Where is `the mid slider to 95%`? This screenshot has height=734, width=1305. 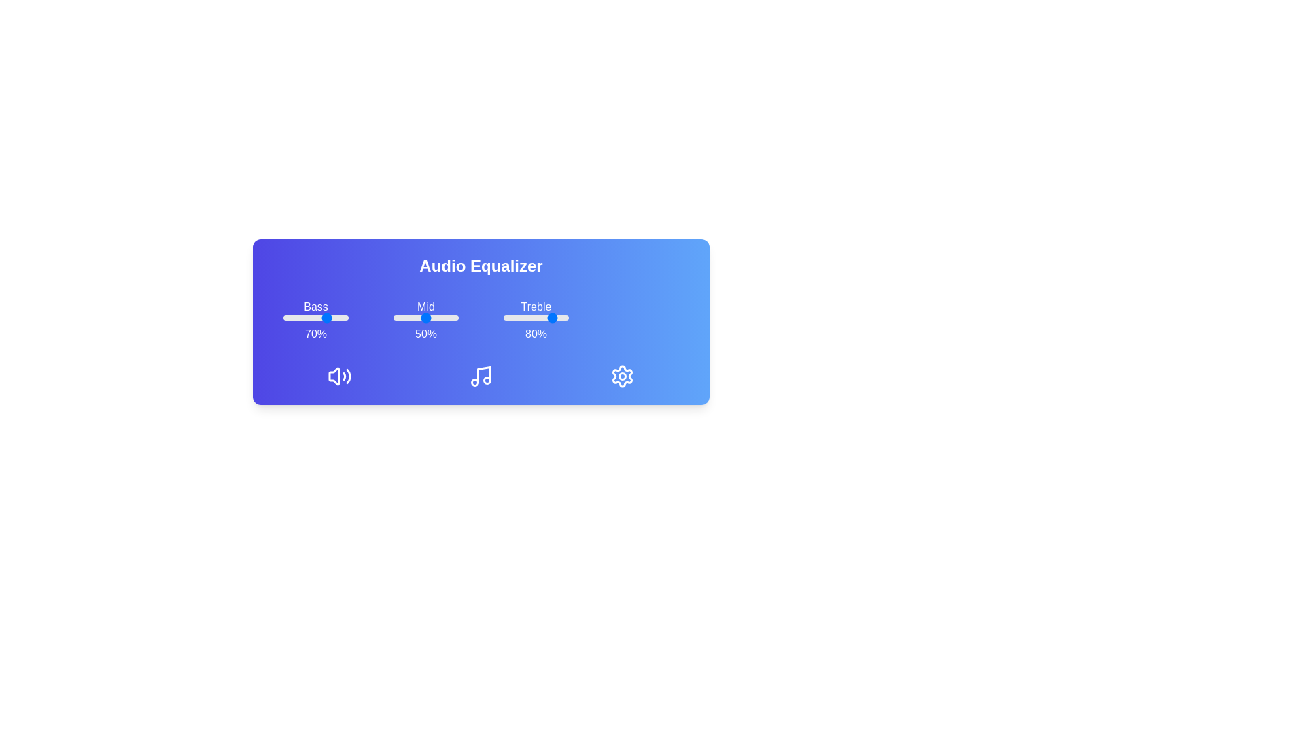 the mid slider to 95% is located at coordinates (455, 317).